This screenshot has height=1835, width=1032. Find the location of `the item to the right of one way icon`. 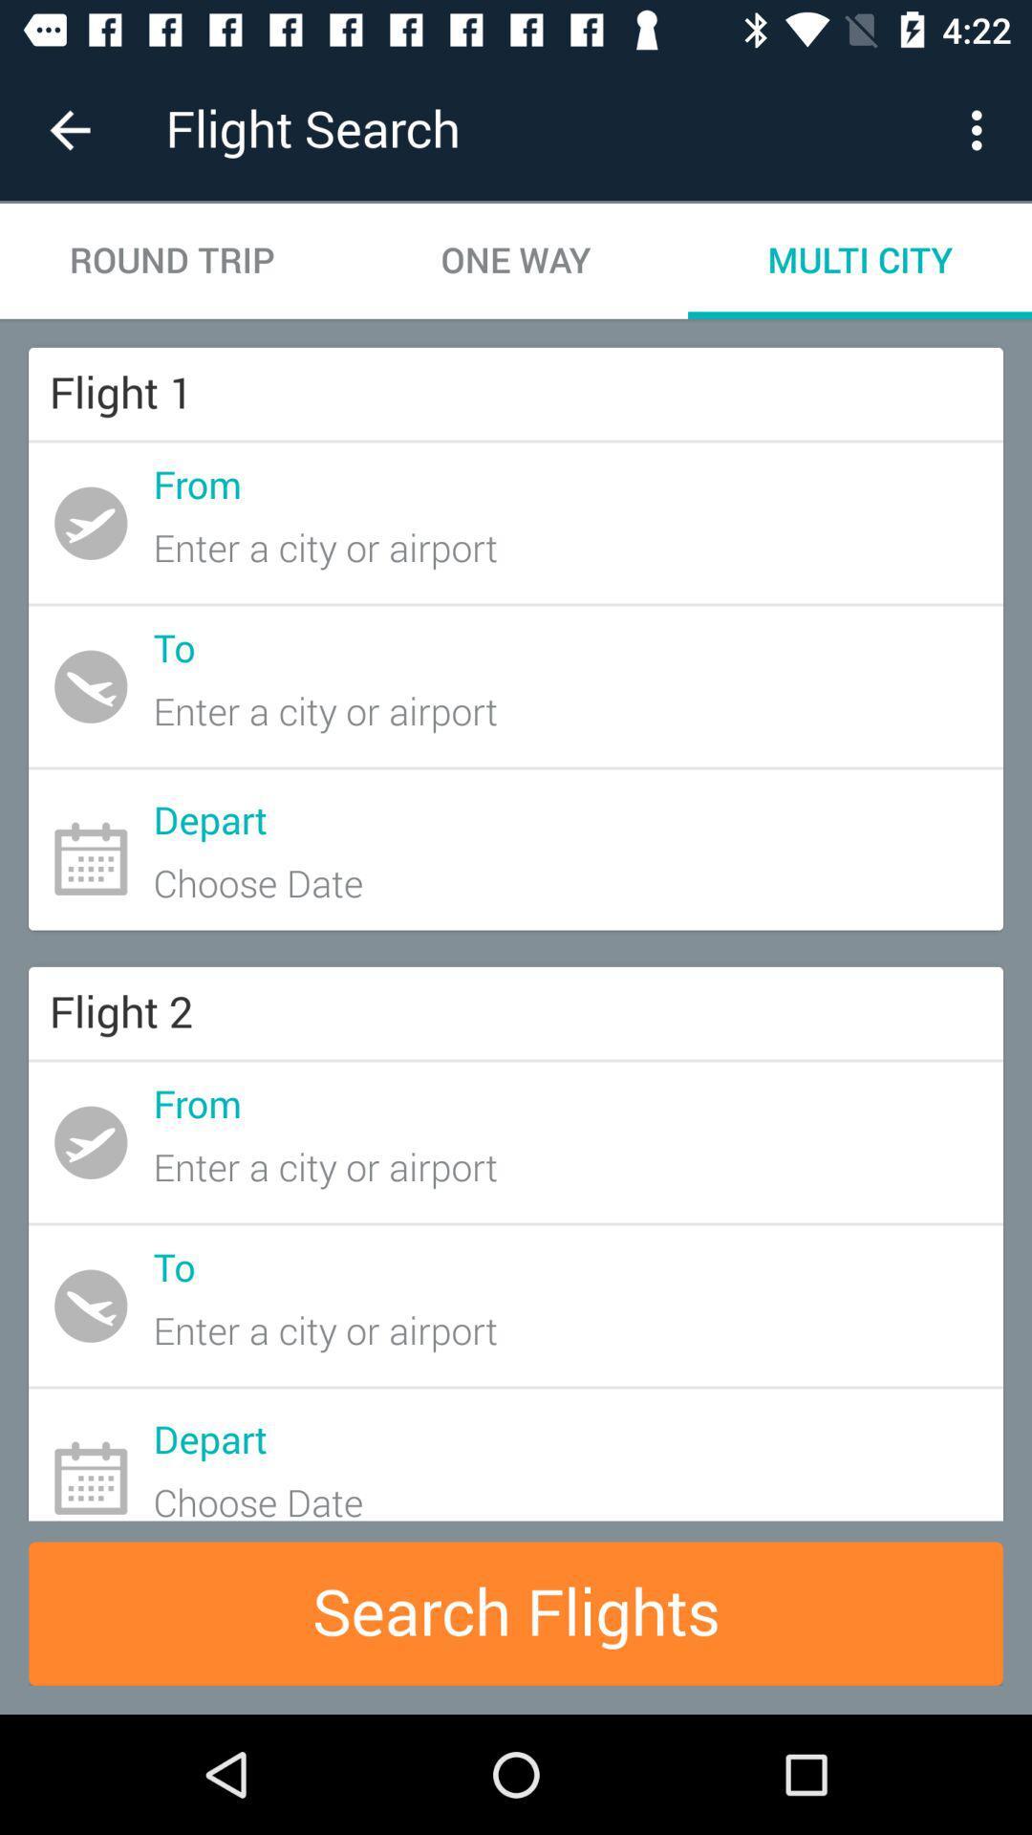

the item to the right of one way icon is located at coordinates (858, 260).